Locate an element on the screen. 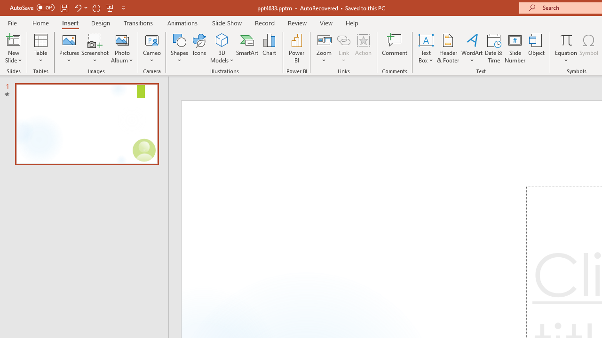 This screenshot has width=602, height=338. 'Slide Number' is located at coordinates (515, 48).